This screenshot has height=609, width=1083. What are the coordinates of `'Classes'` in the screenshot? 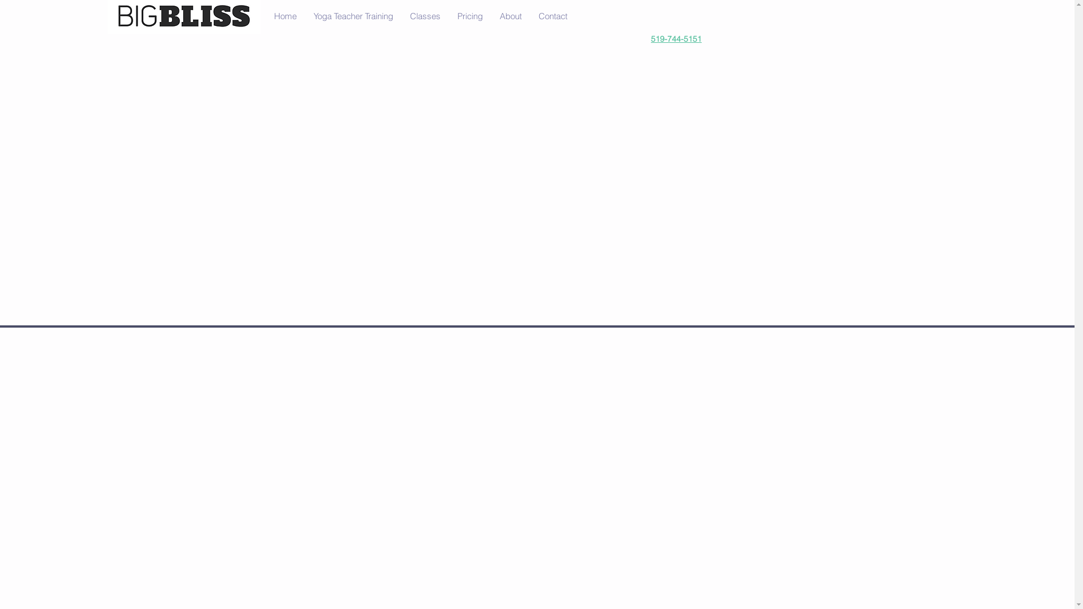 It's located at (424, 16).